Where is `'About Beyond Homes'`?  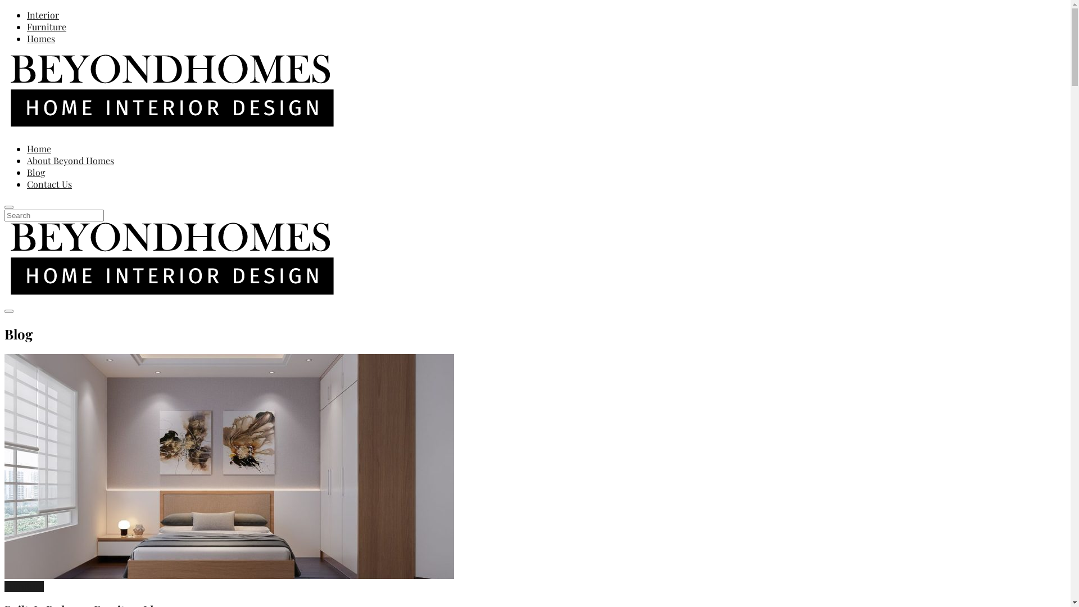
'About Beyond Homes' is located at coordinates (27, 160).